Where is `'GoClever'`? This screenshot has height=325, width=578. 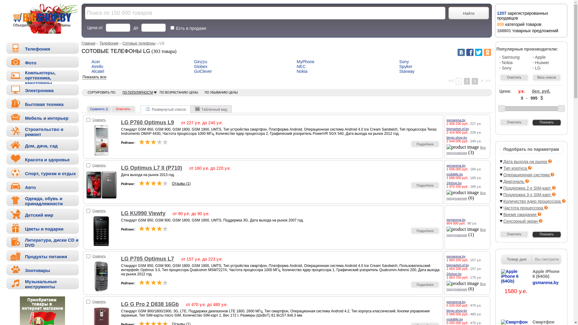
'GoClever' is located at coordinates (203, 71).